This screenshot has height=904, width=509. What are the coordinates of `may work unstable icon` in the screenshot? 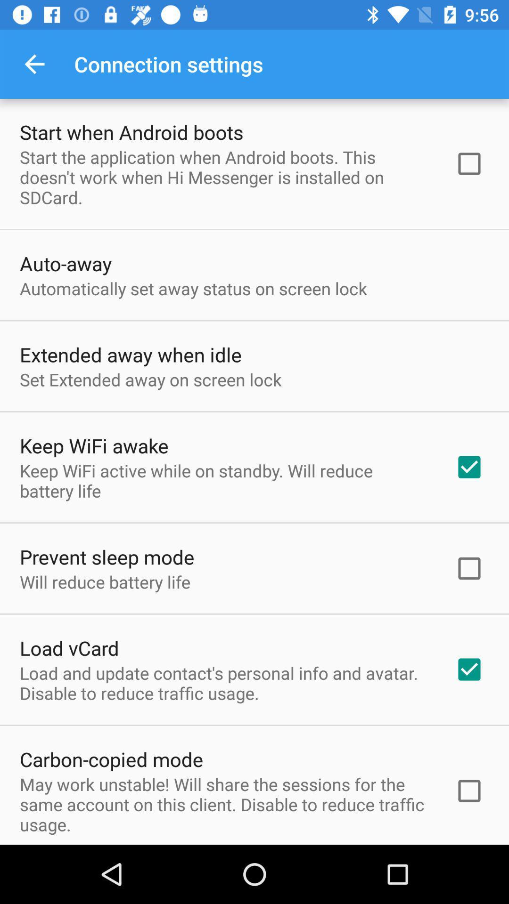 It's located at (225, 804).